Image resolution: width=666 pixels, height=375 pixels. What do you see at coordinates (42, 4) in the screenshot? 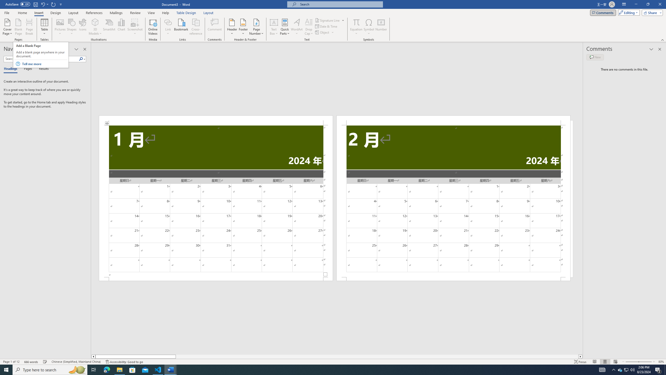
I see `'Undo Increase Indent'` at bounding box center [42, 4].